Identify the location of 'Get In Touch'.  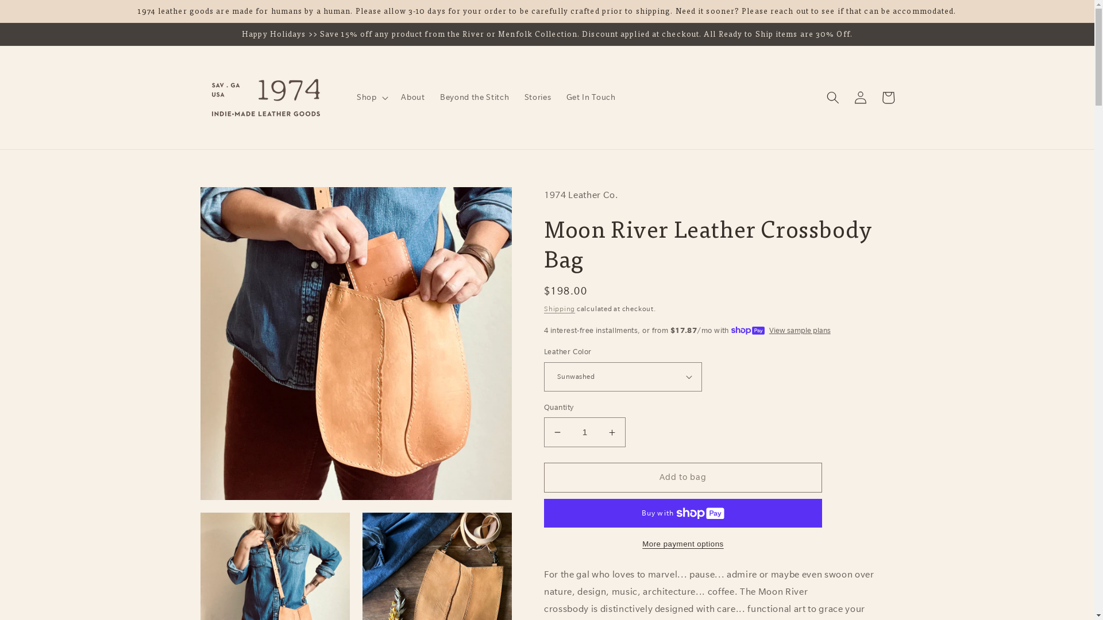
(591, 96).